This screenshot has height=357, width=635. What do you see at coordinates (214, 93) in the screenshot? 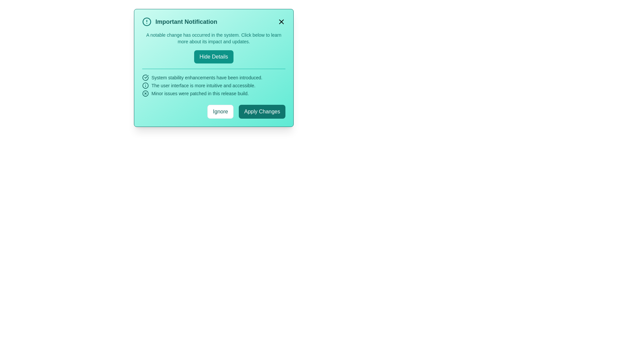
I see `the informational text stating 'Minor issues were patched in this release build.' with a red circular icon next to it, located in the teal notification window` at bounding box center [214, 93].